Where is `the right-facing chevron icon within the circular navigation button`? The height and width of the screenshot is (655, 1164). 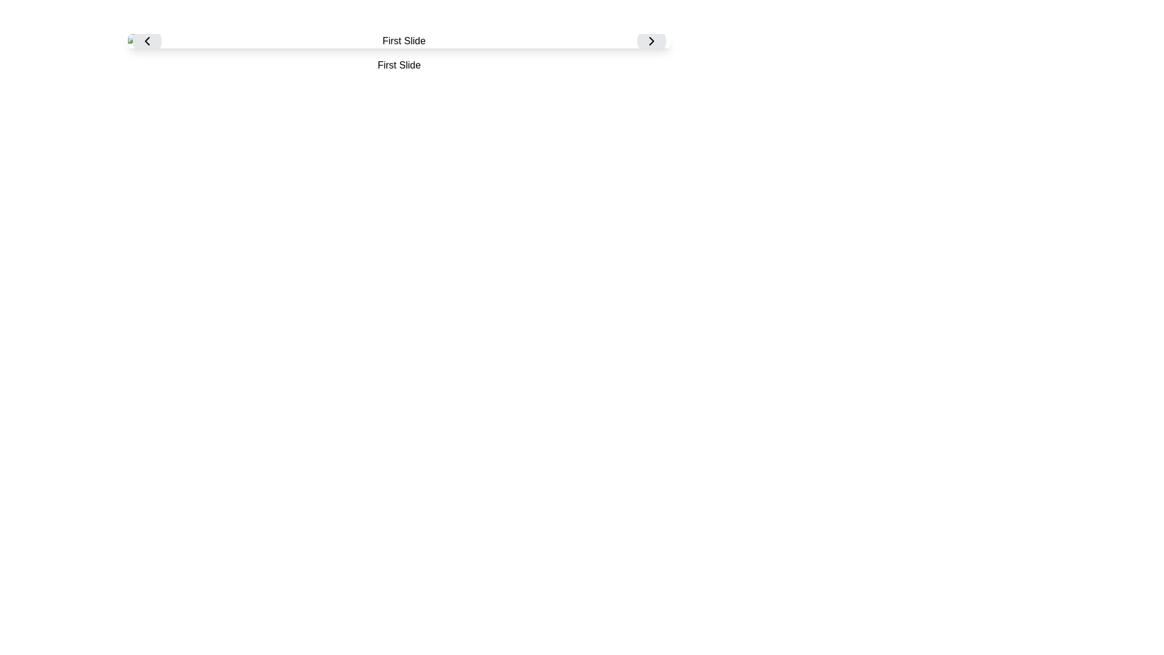 the right-facing chevron icon within the circular navigation button is located at coordinates (651, 41).